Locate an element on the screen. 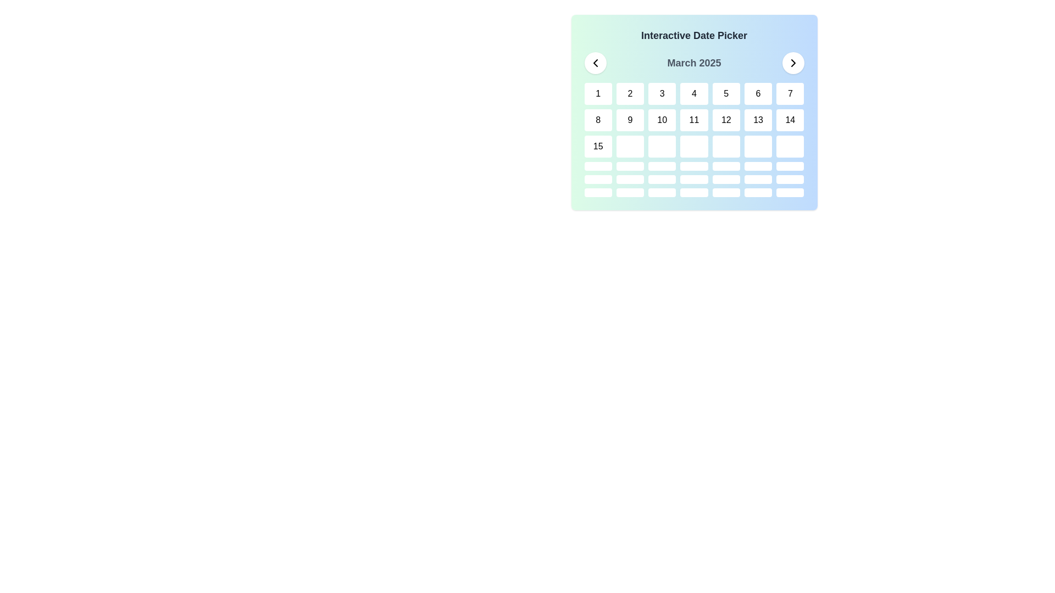  the month and year display label in the date picker, which is located at the center of the top row between the left and right arrow buttons is located at coordinates (693, 63).